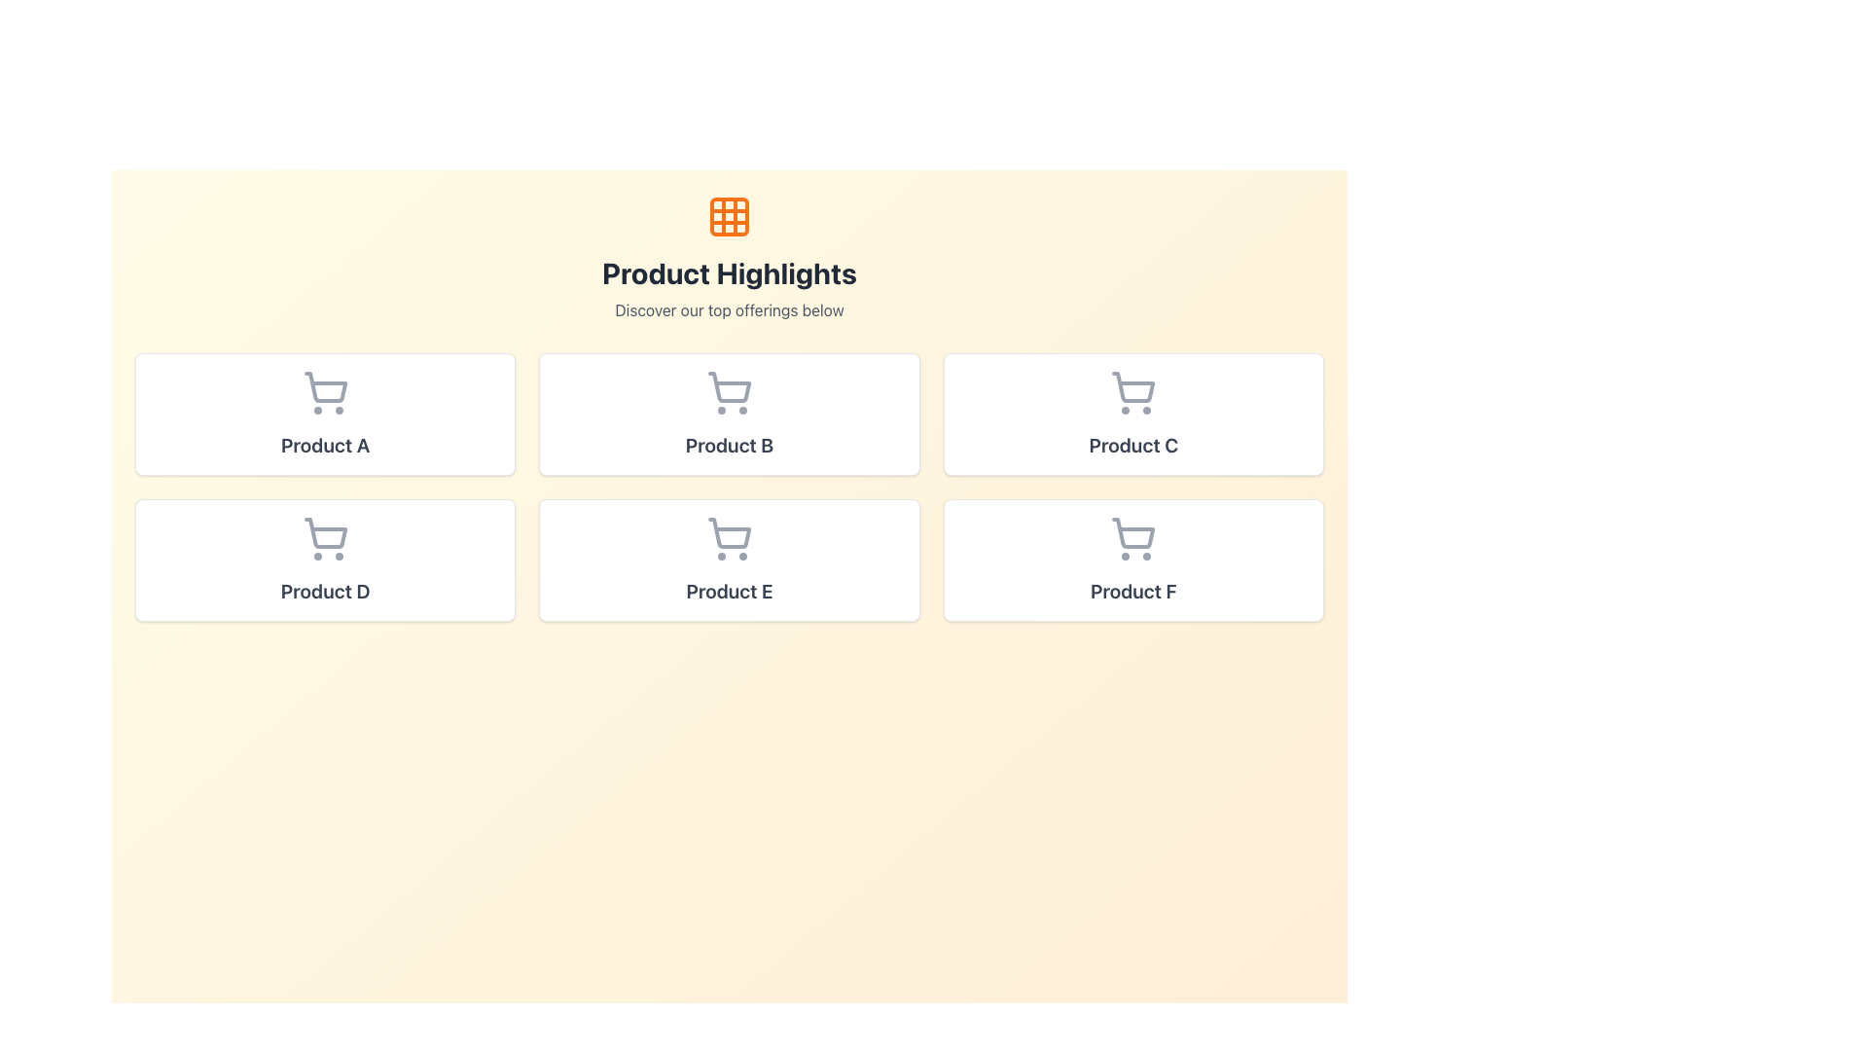 This screenshot has width=1868, height=1051. I want to click on the second card, so click(728, 560).